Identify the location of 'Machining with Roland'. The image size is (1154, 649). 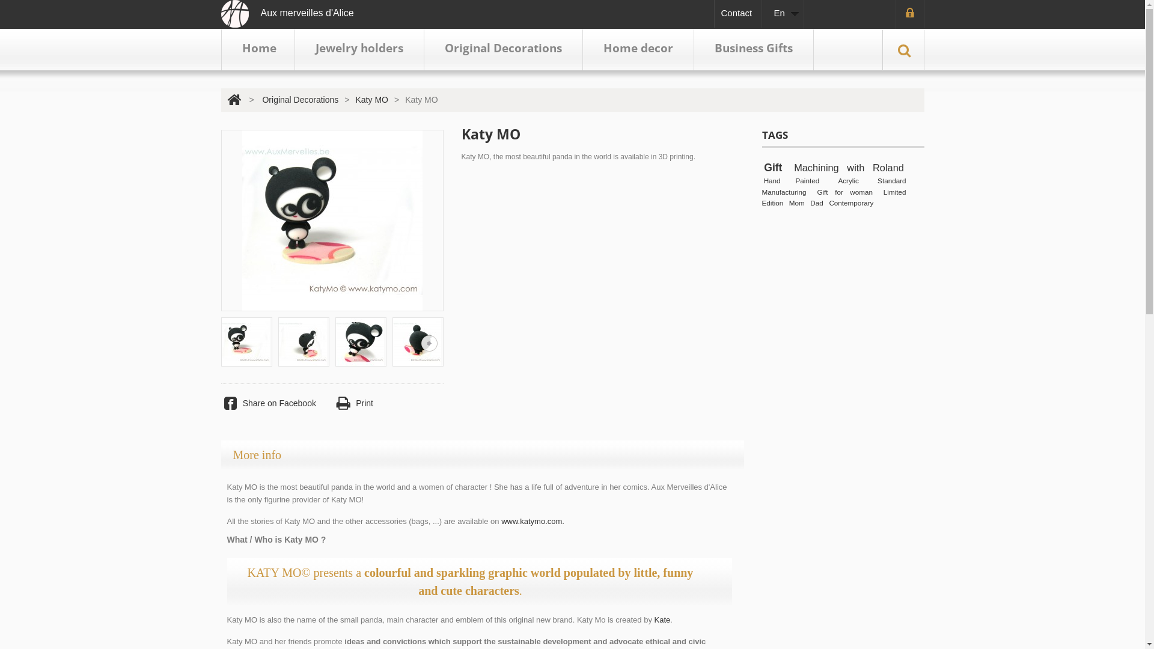
(793, 168).